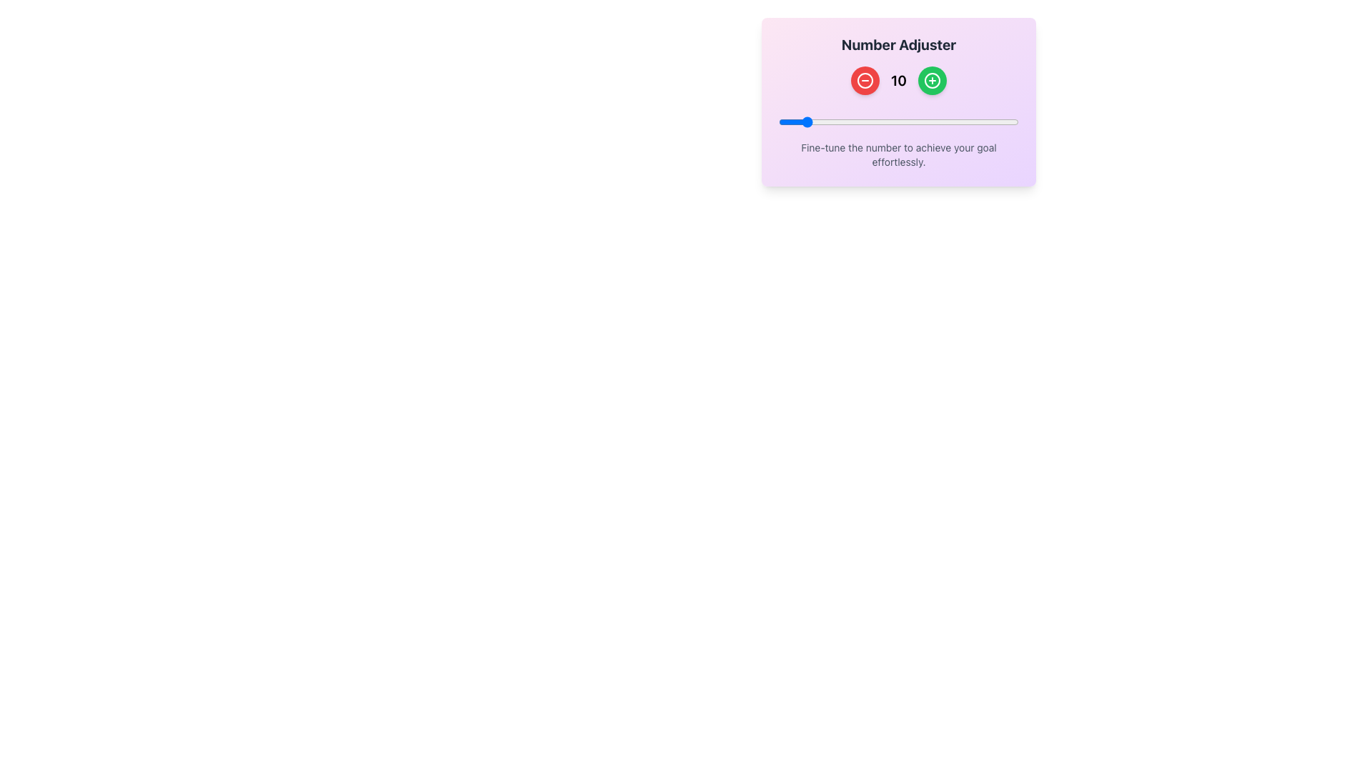 The height and width of the screenshot is (772, 1372). What do you see at coordinates (915, 121) in the screenshot?
I see `the slider` at bounding box center [915, 121].